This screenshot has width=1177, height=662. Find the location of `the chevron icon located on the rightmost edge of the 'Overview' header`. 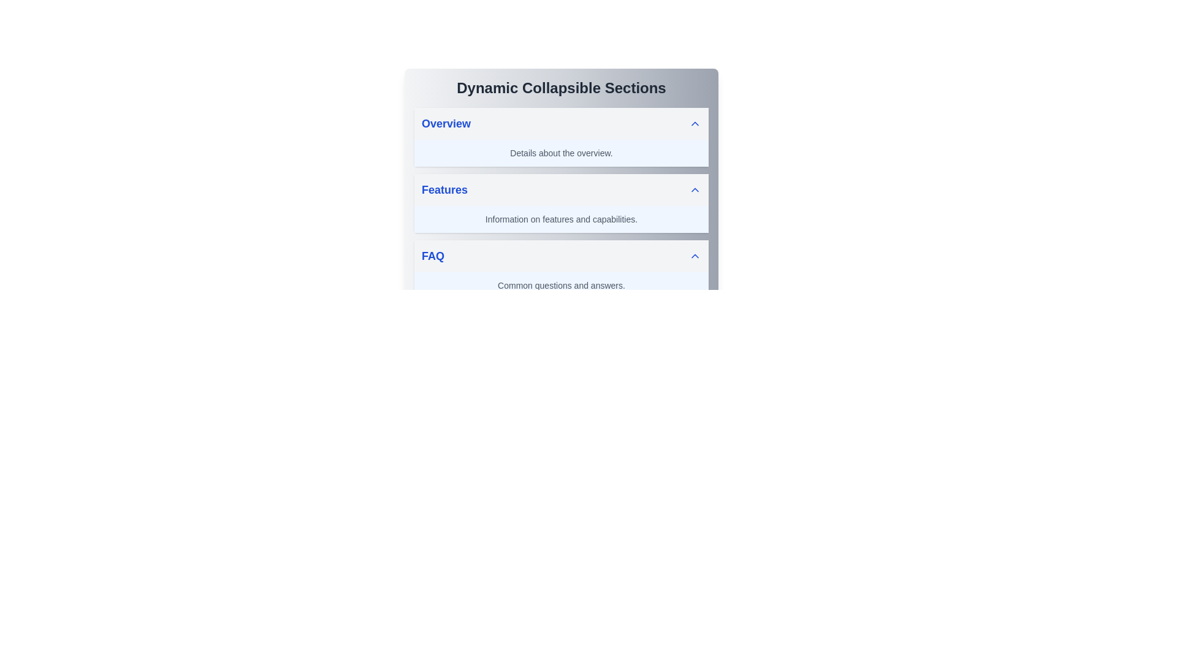

the chevron icon located on the rightmost edge of the 'Overview' header is located at coordinates (695, 123).